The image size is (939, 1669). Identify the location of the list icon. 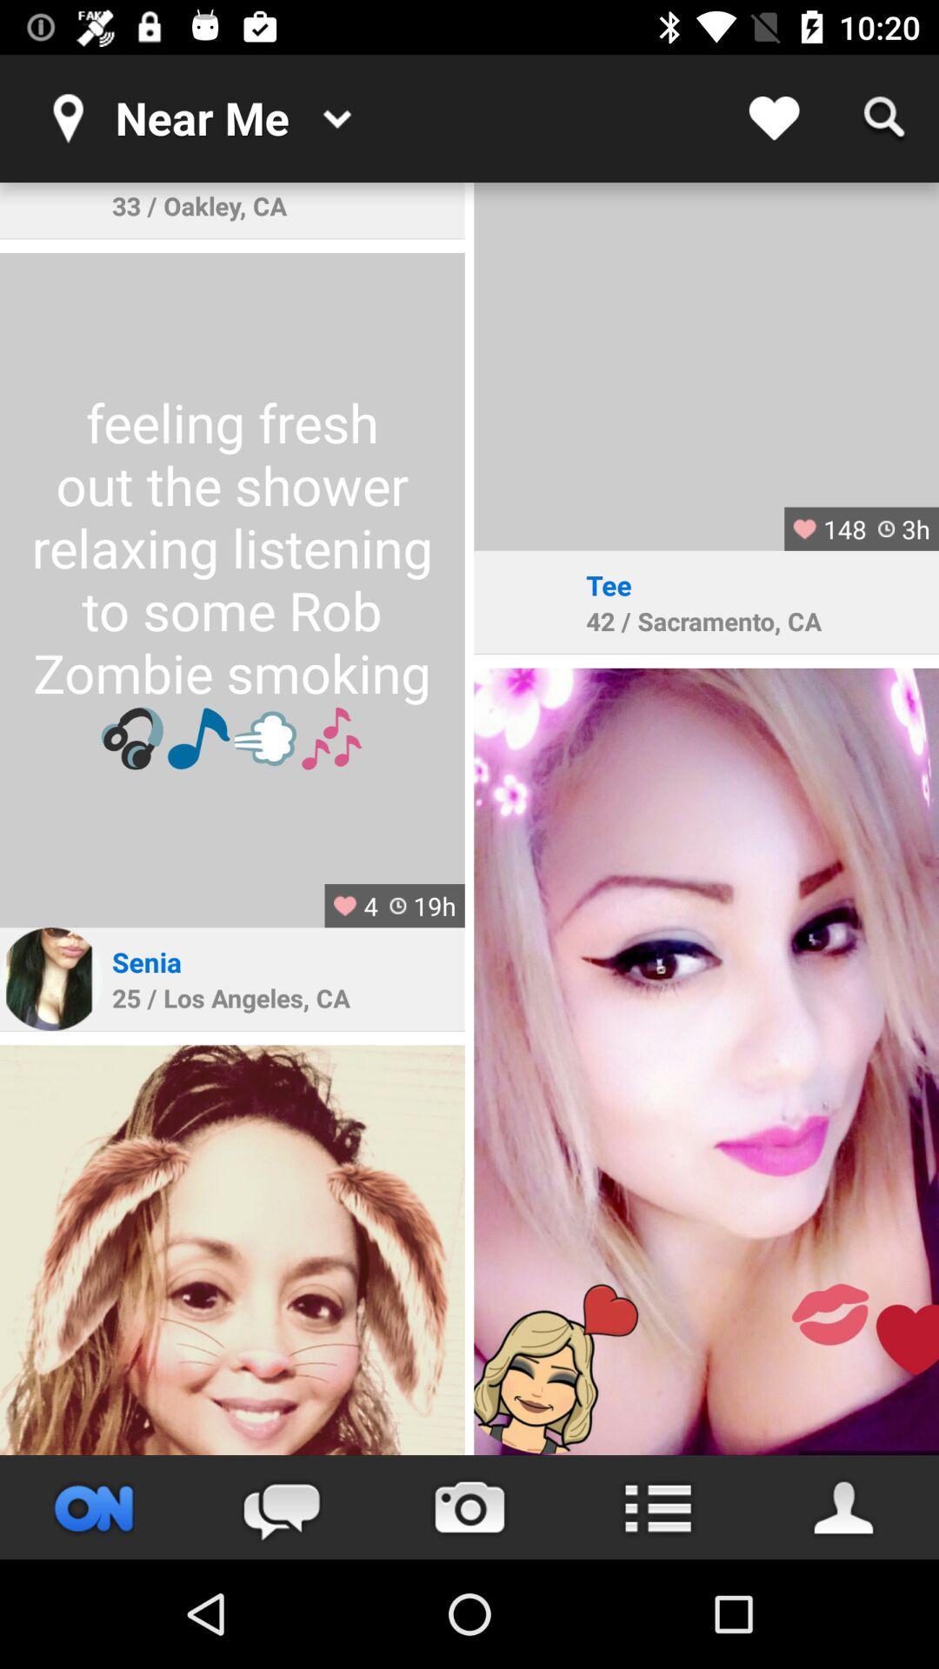
(657, 1506).